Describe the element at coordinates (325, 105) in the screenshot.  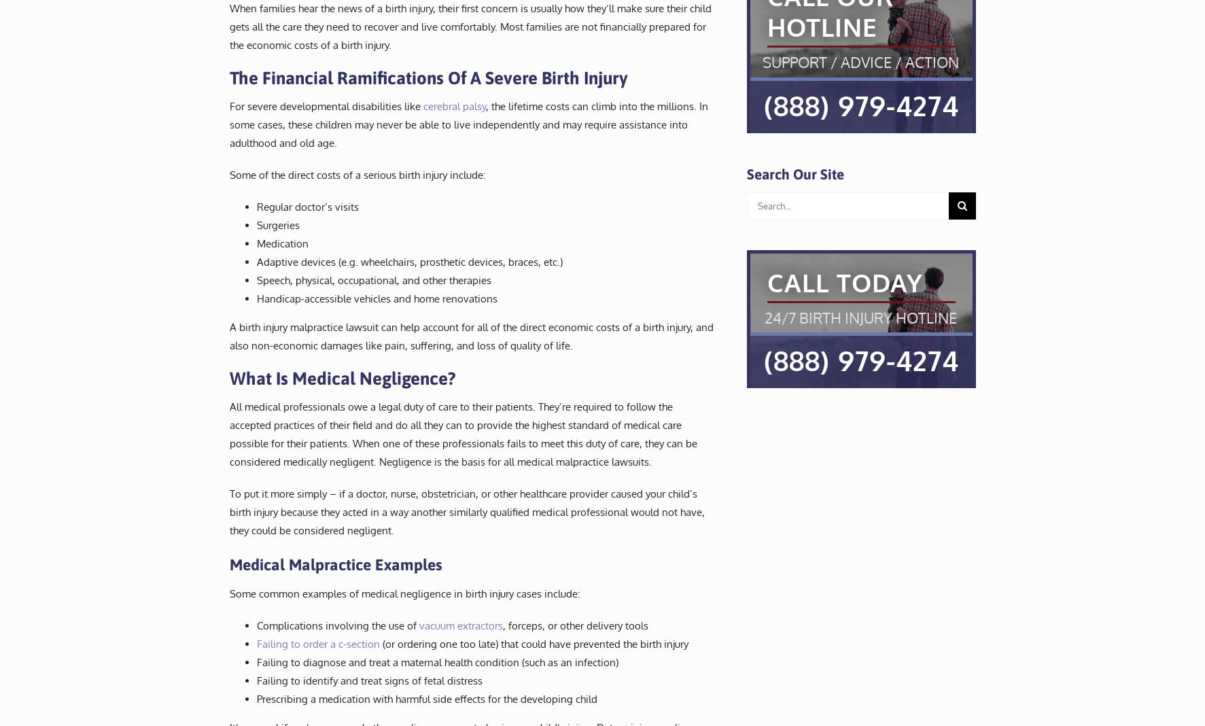
I see `'For severe developmental disabilities like'` at that location.